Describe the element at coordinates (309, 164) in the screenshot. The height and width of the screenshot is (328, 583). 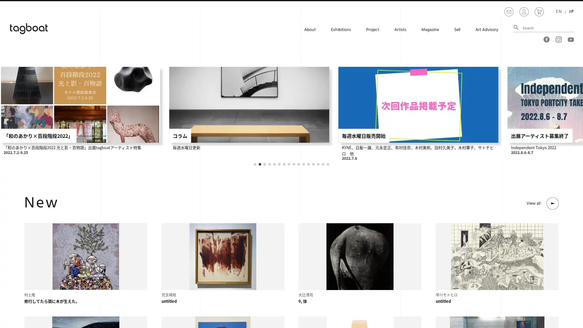
I see `Go to slide 12` at that location.